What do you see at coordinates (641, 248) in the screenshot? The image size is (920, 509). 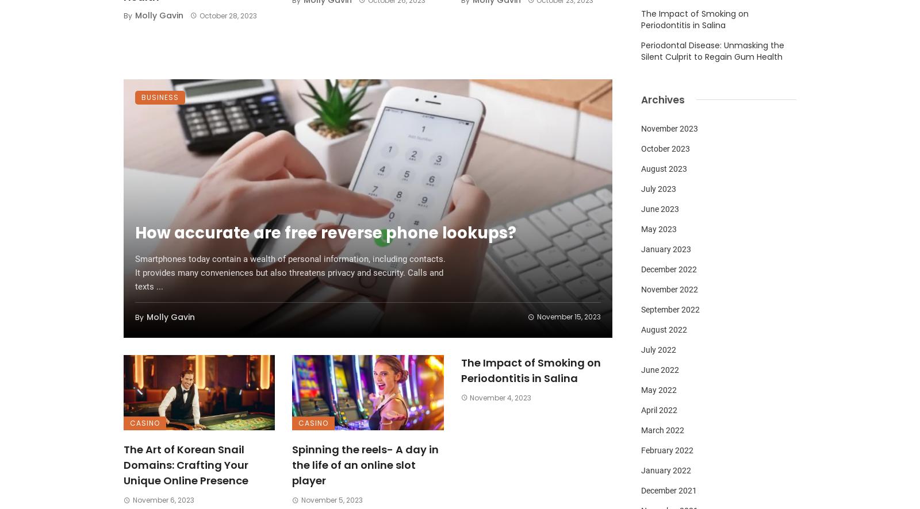 I see `'January 2023'` at bounding box center [641, 248].